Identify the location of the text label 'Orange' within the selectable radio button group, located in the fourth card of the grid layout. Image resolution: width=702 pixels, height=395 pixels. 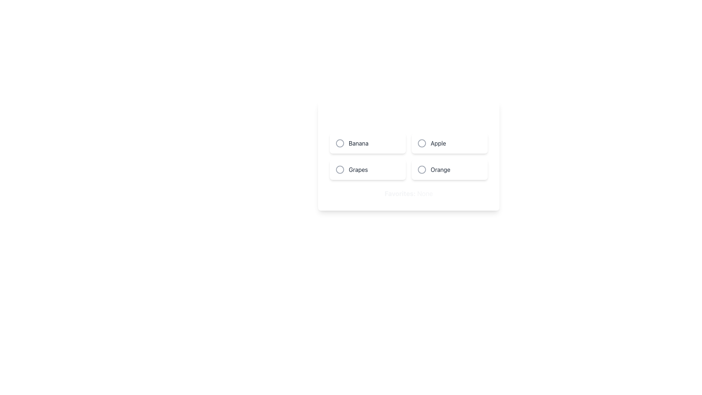
(440, 169).